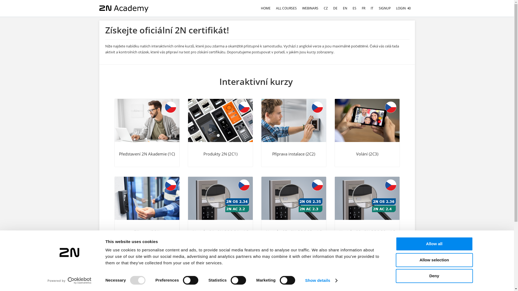  What do you see at coordinates (434, 259) in the screenshot?
I see `'Allow selection'` at bounding box center [434, 259].